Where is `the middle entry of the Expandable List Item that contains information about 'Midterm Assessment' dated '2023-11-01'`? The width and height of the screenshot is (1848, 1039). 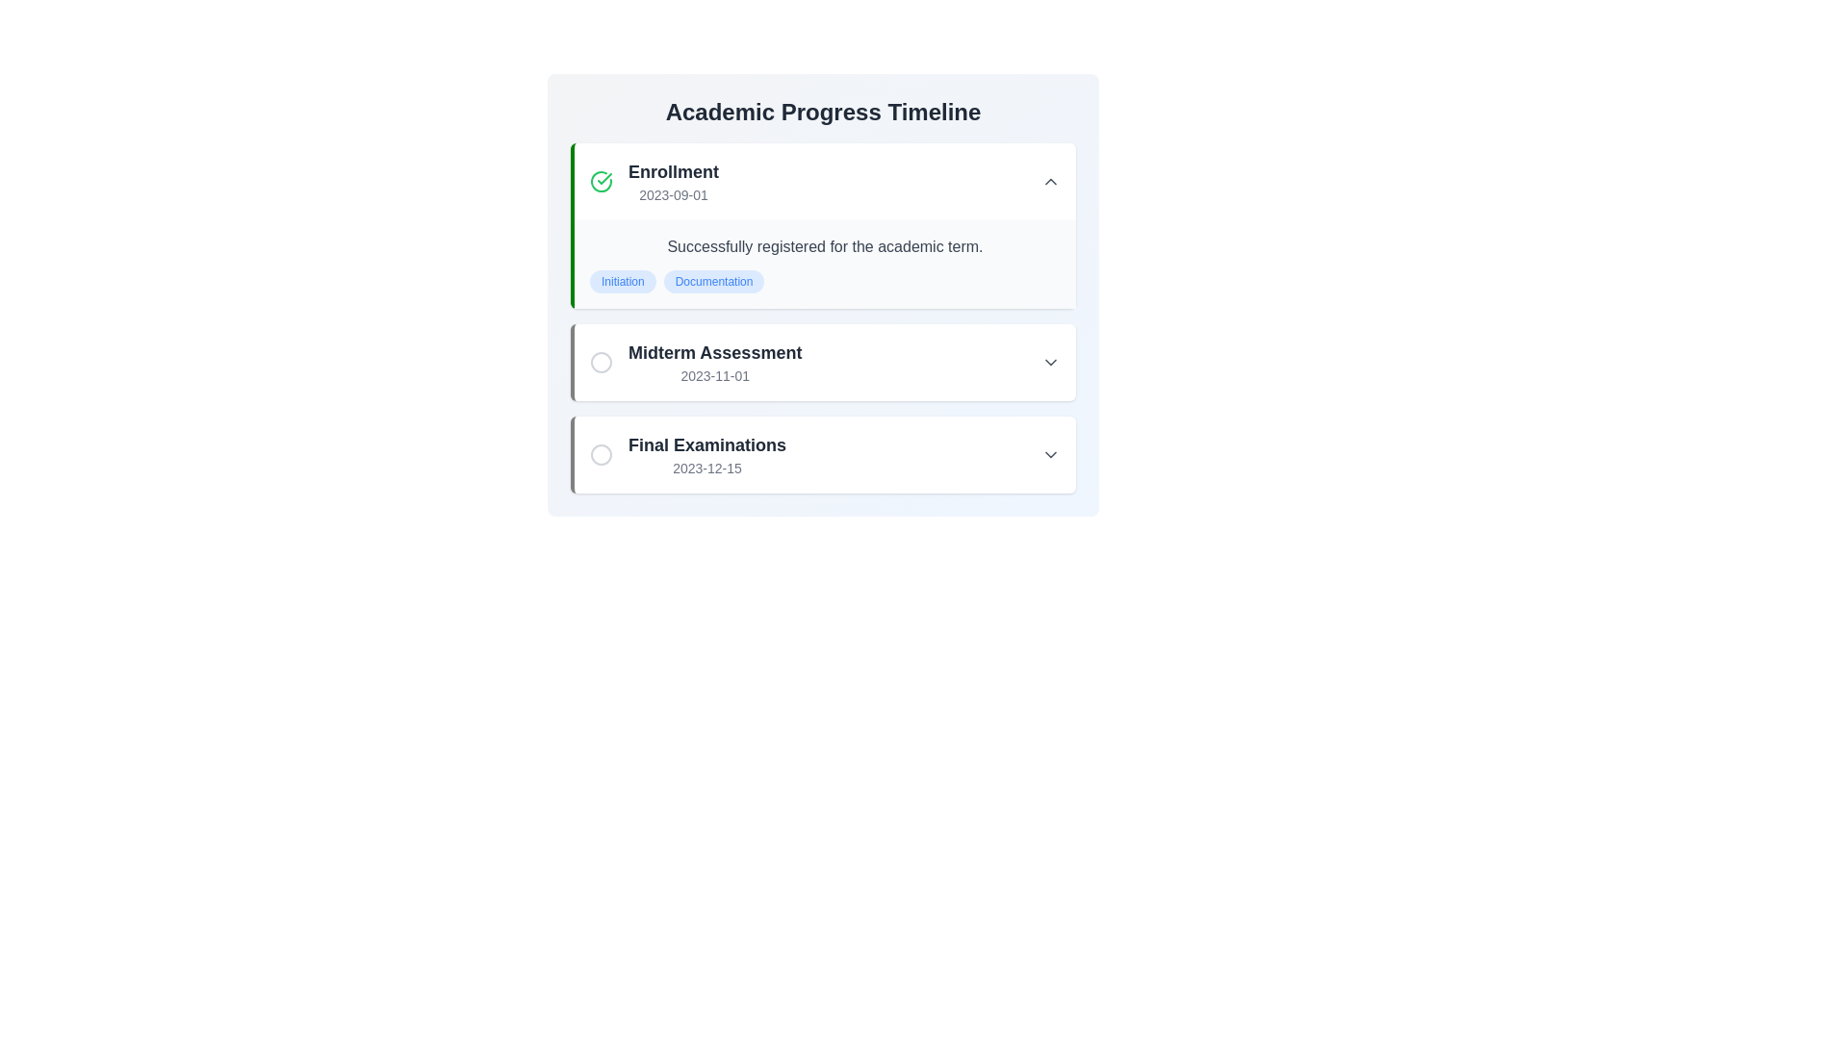 the middle entry of the Expandable List Item that contains information about 'Midterm Assessment' dated '2023-11-01' is located at coordinates (825, 363).